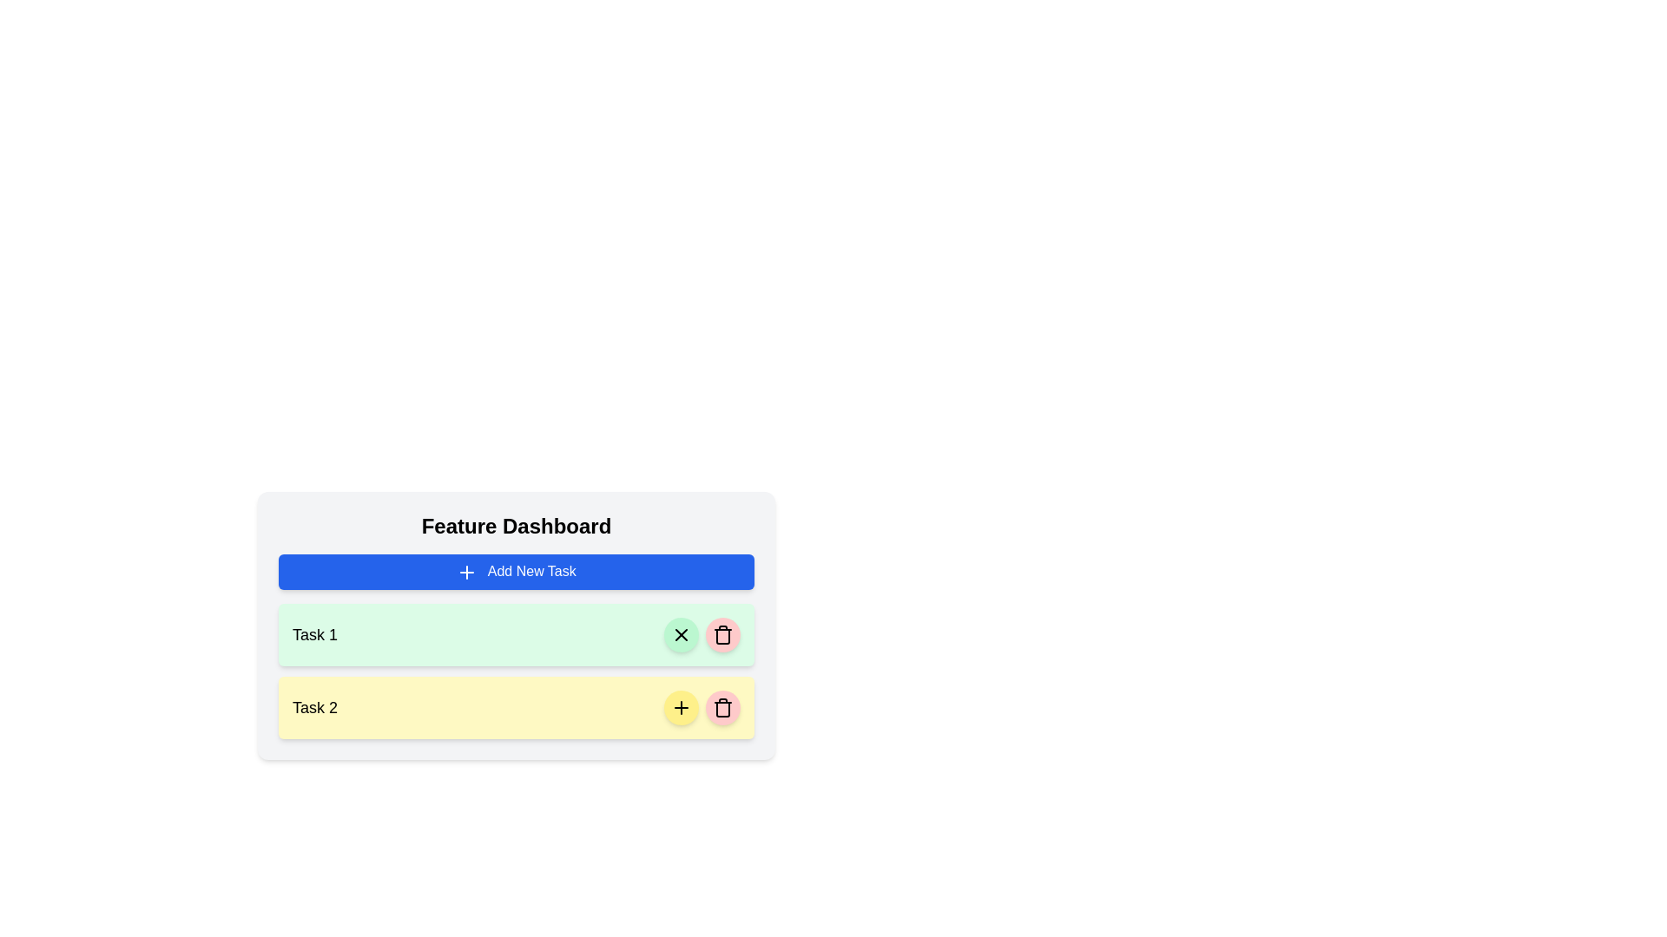  What do you see at coordinates (467, 572) in the screenshot?
I see `the plus sign icon located on the left side of the 'Add New Task' button, which is a small icon styled with a thin stroke and rounded corners, matching the button's text color` at bounding box center [467, 572].